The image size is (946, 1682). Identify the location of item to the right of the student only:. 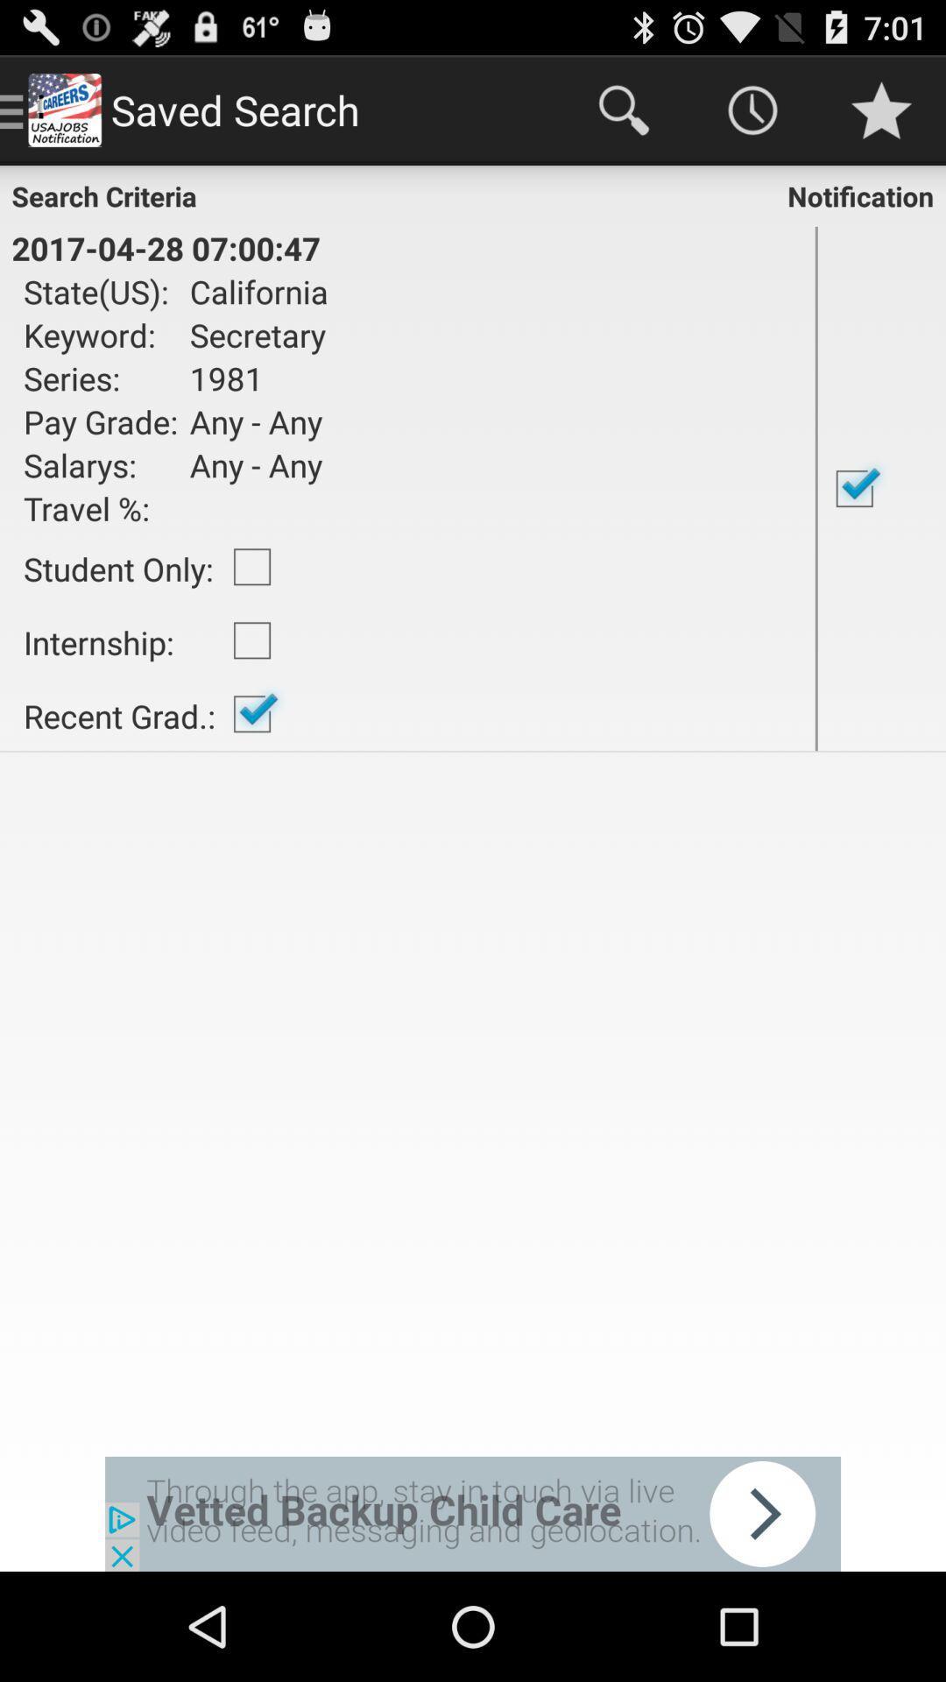
(252, 567).